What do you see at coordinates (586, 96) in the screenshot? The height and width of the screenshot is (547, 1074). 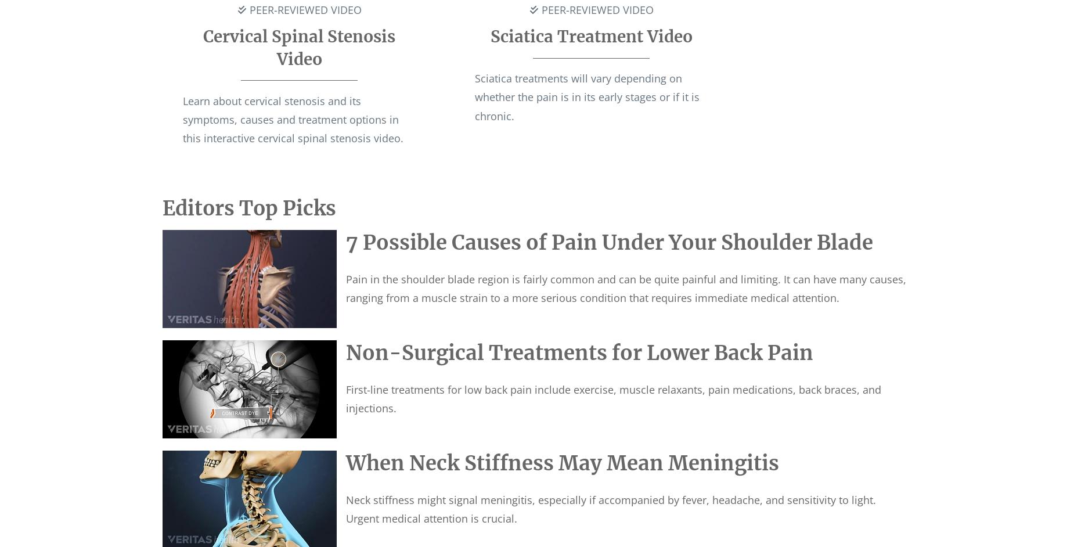 I see `'Sciatica treatments will vary depending on whether the pain is in its early stages or if it is chronic.'` at bounding box center [586, 96].